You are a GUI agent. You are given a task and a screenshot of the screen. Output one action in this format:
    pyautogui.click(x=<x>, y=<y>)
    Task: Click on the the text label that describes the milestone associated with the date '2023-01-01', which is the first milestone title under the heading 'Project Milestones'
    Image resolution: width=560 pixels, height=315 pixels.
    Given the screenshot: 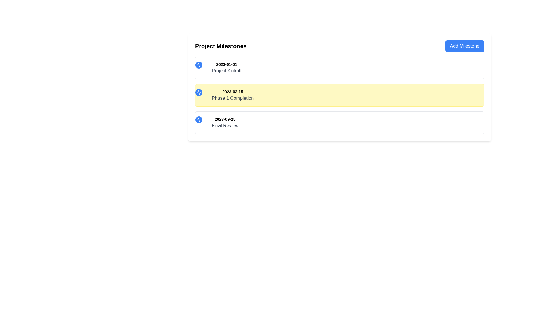 What is the action you would take?
    pyautogui.click(x=226, y=71)
    